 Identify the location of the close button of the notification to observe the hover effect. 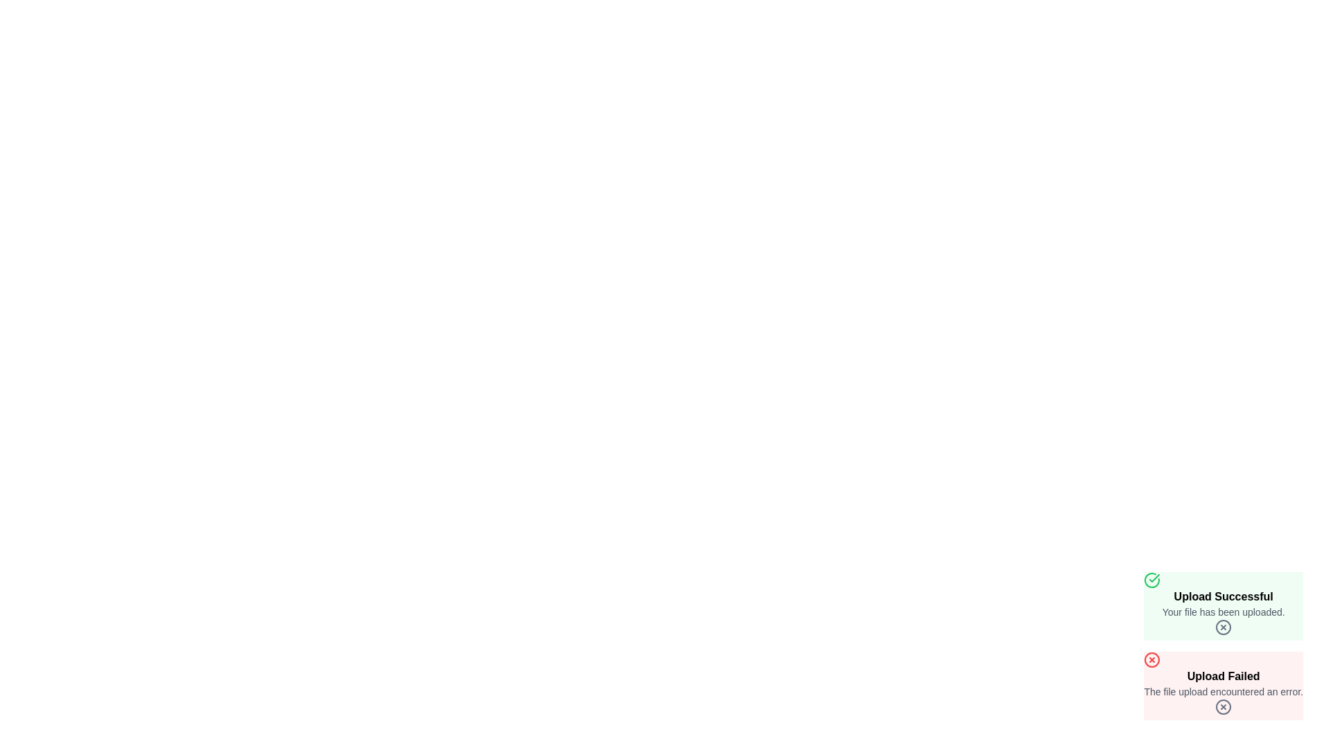
(1224, 627).